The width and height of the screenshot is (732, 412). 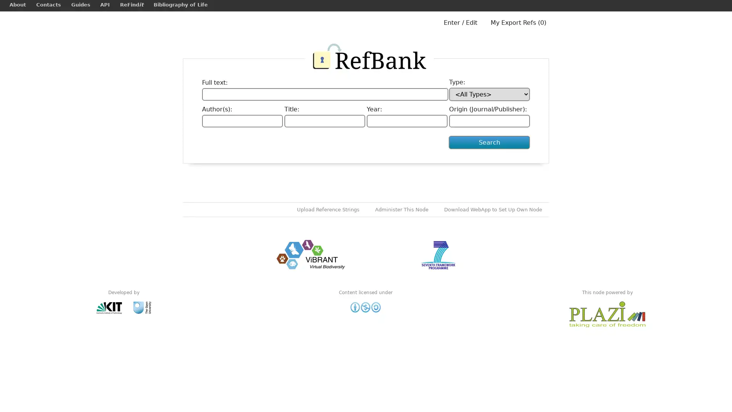 I want to click on Search, so click(x=489, y=142).